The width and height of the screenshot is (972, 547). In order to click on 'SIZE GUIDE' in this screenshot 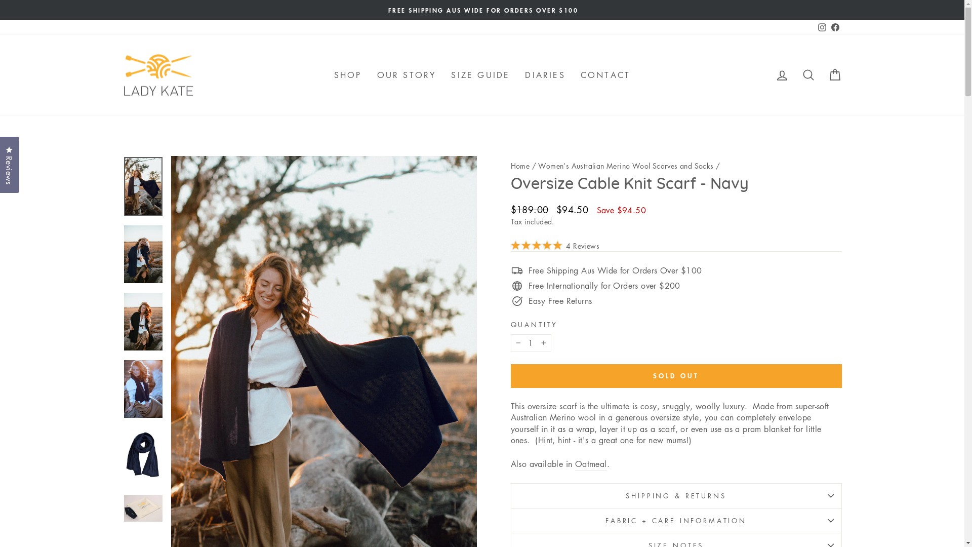, I will do `click(480, 74)`.